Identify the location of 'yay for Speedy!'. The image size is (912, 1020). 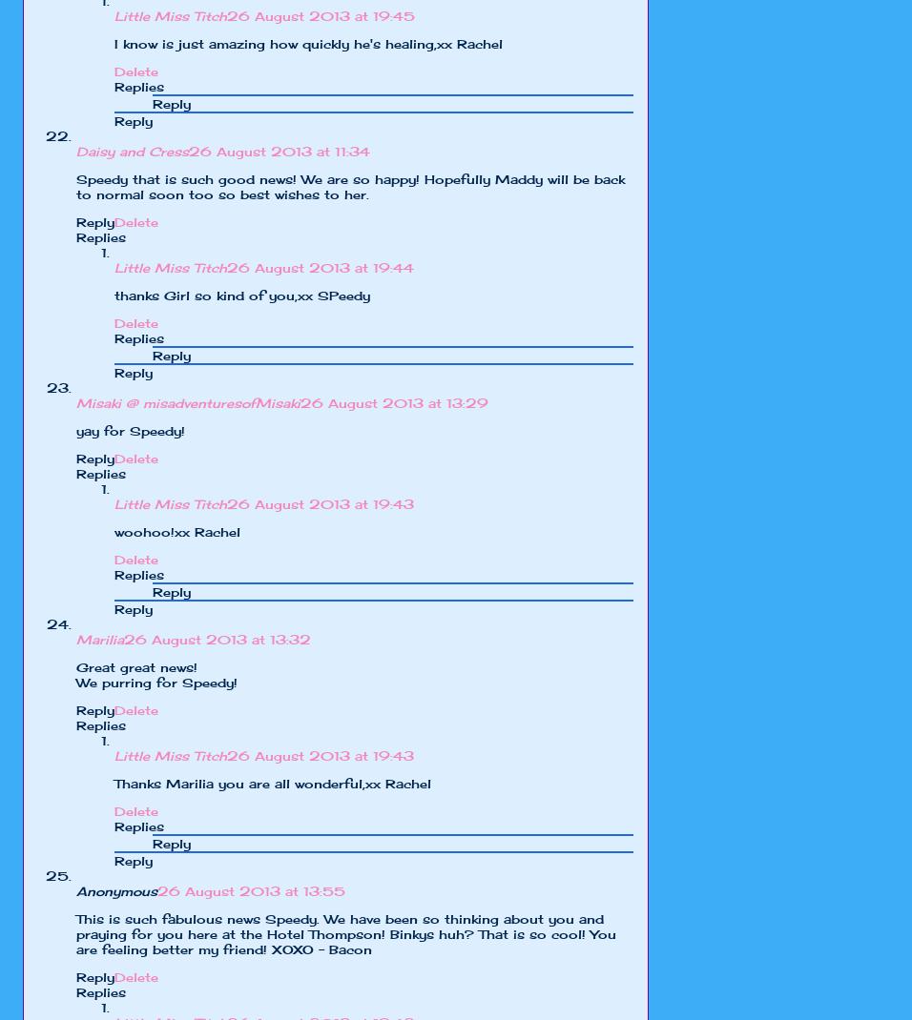
(130, 430).